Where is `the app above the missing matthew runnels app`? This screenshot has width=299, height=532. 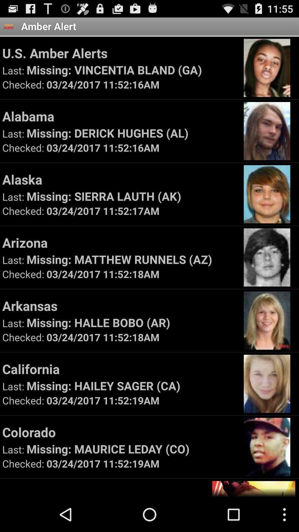
the app above the missing matthew runnels app is located at coordinates (120, 242).